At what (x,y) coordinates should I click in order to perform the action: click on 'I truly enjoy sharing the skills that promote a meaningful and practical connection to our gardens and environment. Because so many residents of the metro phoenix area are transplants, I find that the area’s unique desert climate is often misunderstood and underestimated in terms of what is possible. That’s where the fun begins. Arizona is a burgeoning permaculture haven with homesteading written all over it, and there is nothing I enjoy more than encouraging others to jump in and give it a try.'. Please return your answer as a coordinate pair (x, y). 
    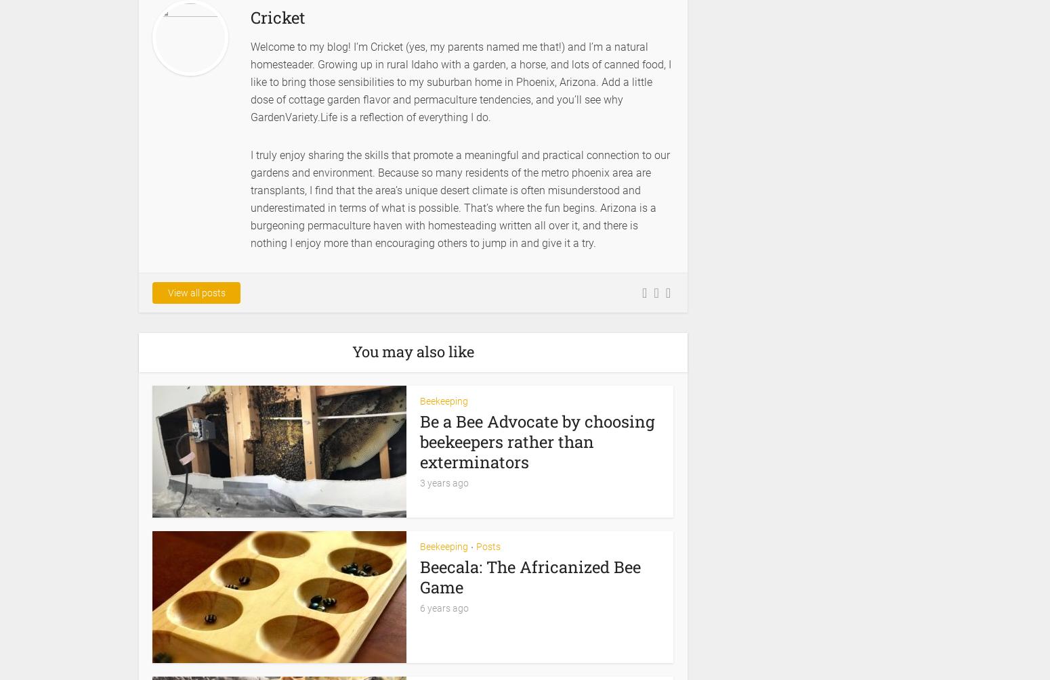
    Looking at the image, I should click on (459, 198).